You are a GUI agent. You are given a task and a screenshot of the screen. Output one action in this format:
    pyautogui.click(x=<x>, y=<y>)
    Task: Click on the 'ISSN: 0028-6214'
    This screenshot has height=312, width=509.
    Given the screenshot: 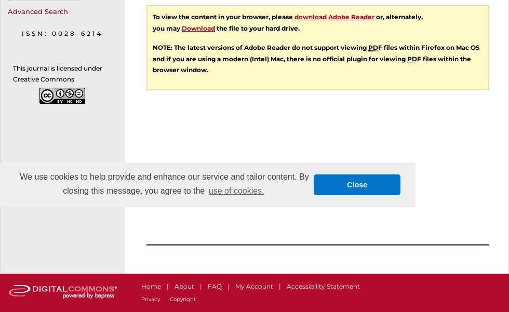 What is the action you would take?
    pyautogui.click(x=22, y=32)
    